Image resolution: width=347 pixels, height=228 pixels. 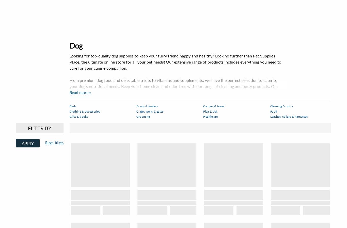 I want to click on 'Your recently viewed items', so click(x=173, y=86).